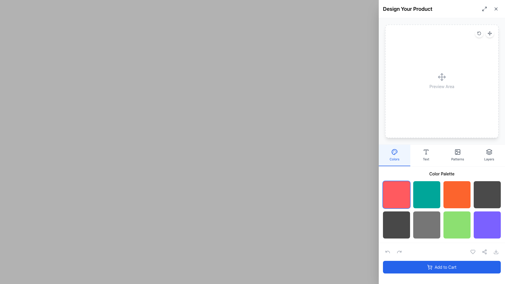 The height and width of the screenshot is (284, 505). Describe the element at coordinates (489, 33) in the screenshot. I see `the four-directional arrow icon in the top-right corner of the preview area` at that location.